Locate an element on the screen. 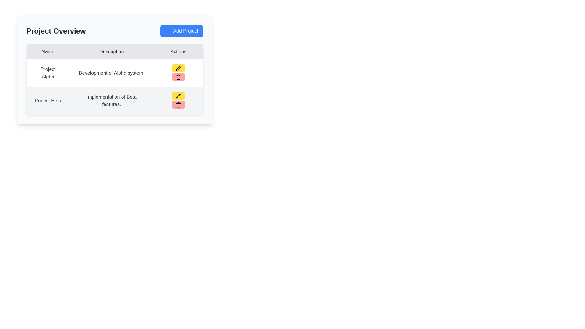 The image size is (585, 329). the edit icon located in the 'Actions' column of the first row under 'Project Overview' is located at coordinates (178, 96).